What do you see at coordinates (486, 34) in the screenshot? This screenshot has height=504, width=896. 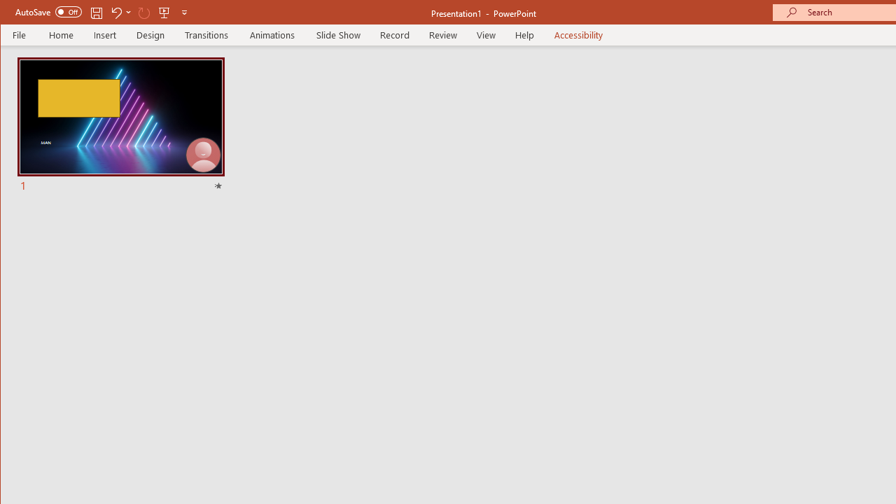 I see `'View'` at bounding box center [486, 34].